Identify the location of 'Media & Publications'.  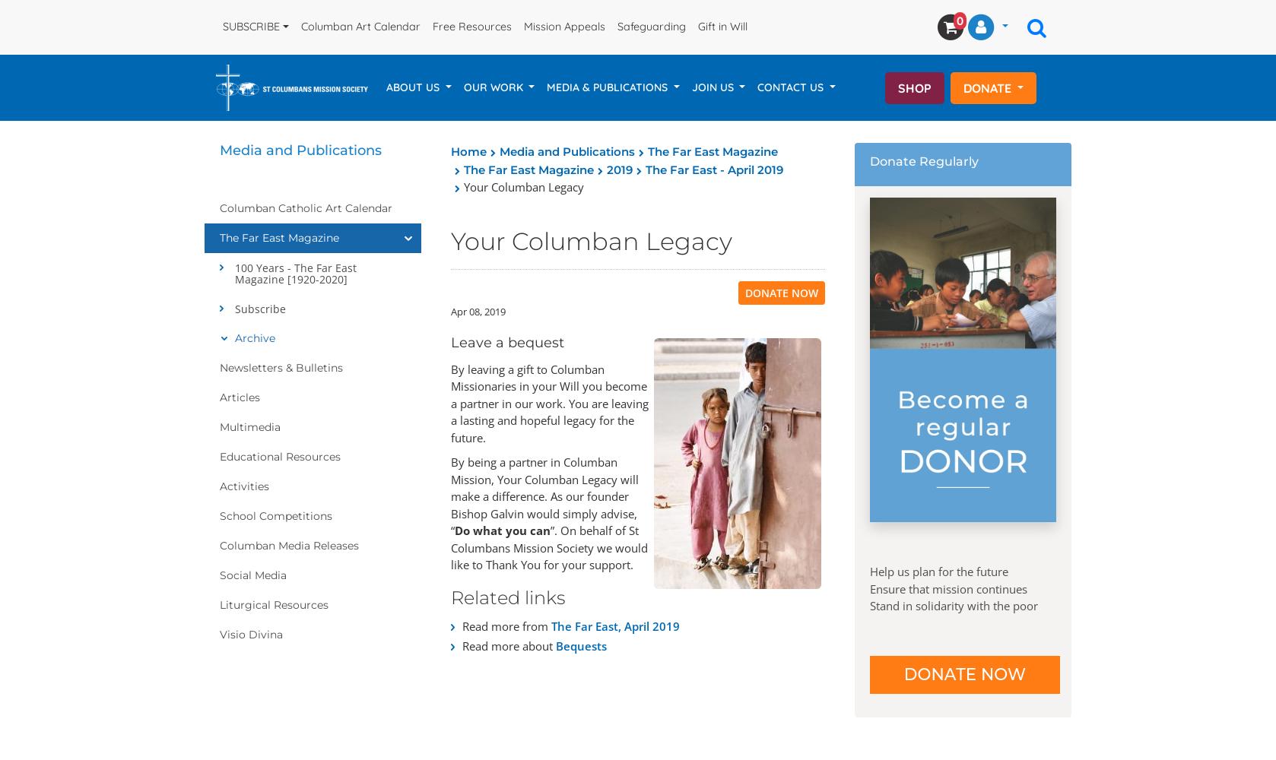
(608, 87).